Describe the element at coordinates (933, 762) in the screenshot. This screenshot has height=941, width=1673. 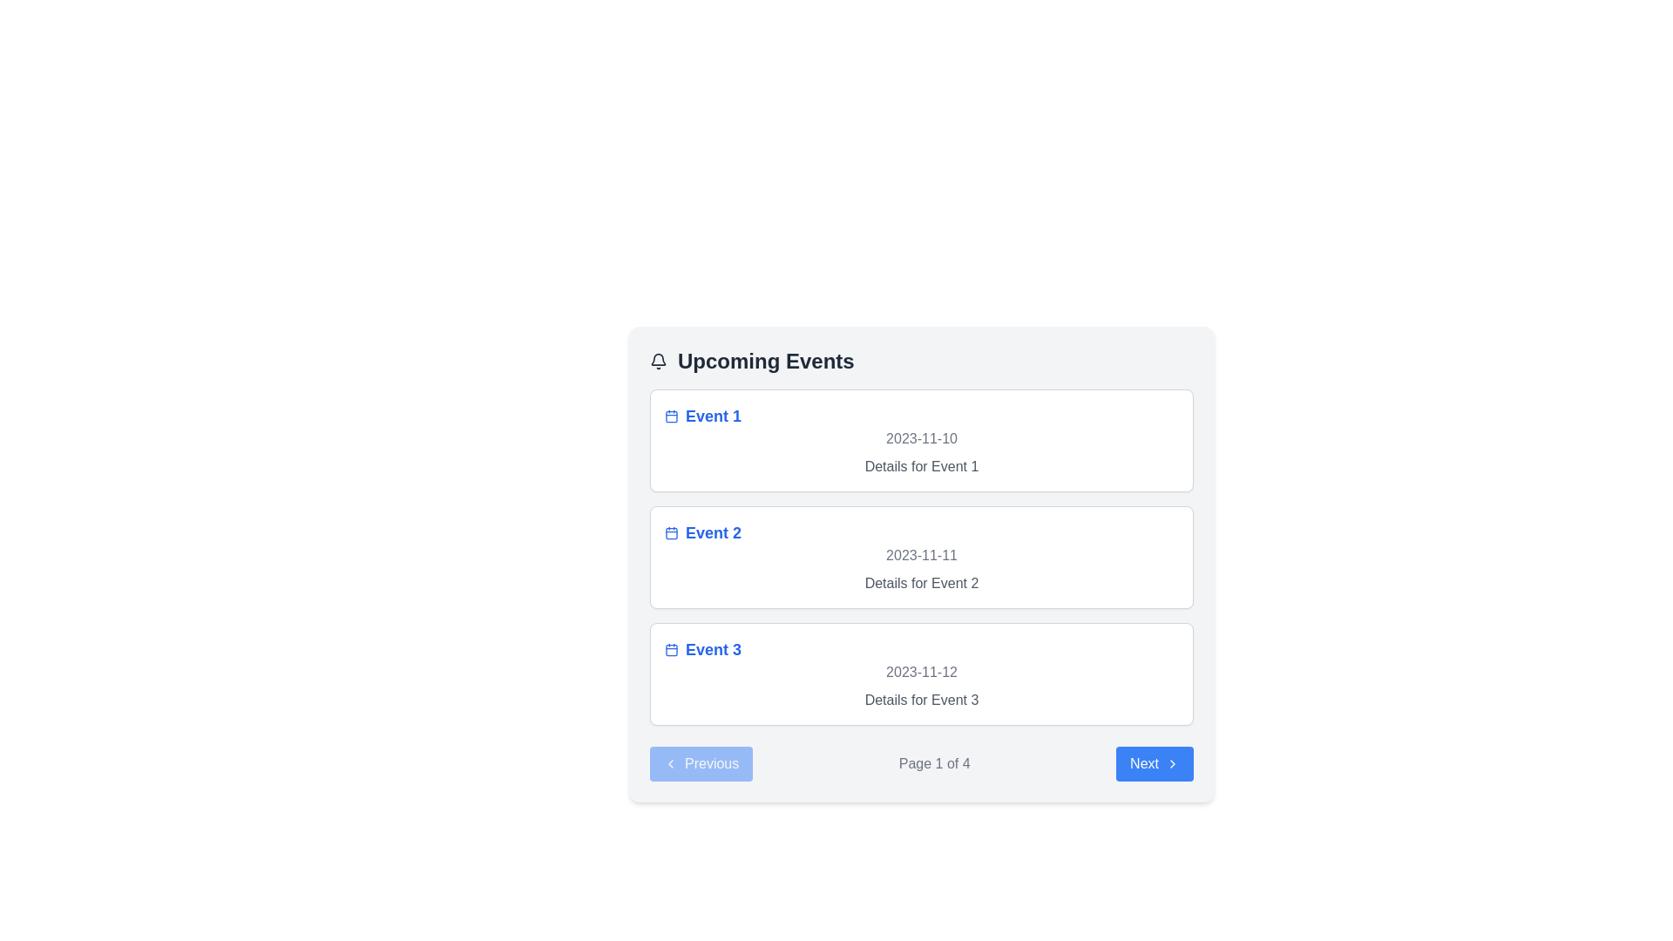
I see `the static text indicator displaying 'Page 1 of 4', which is styled with a gray color and located between the 'Previous' and 'Next' buttons below the 'Upcoming Events' list` at that location.